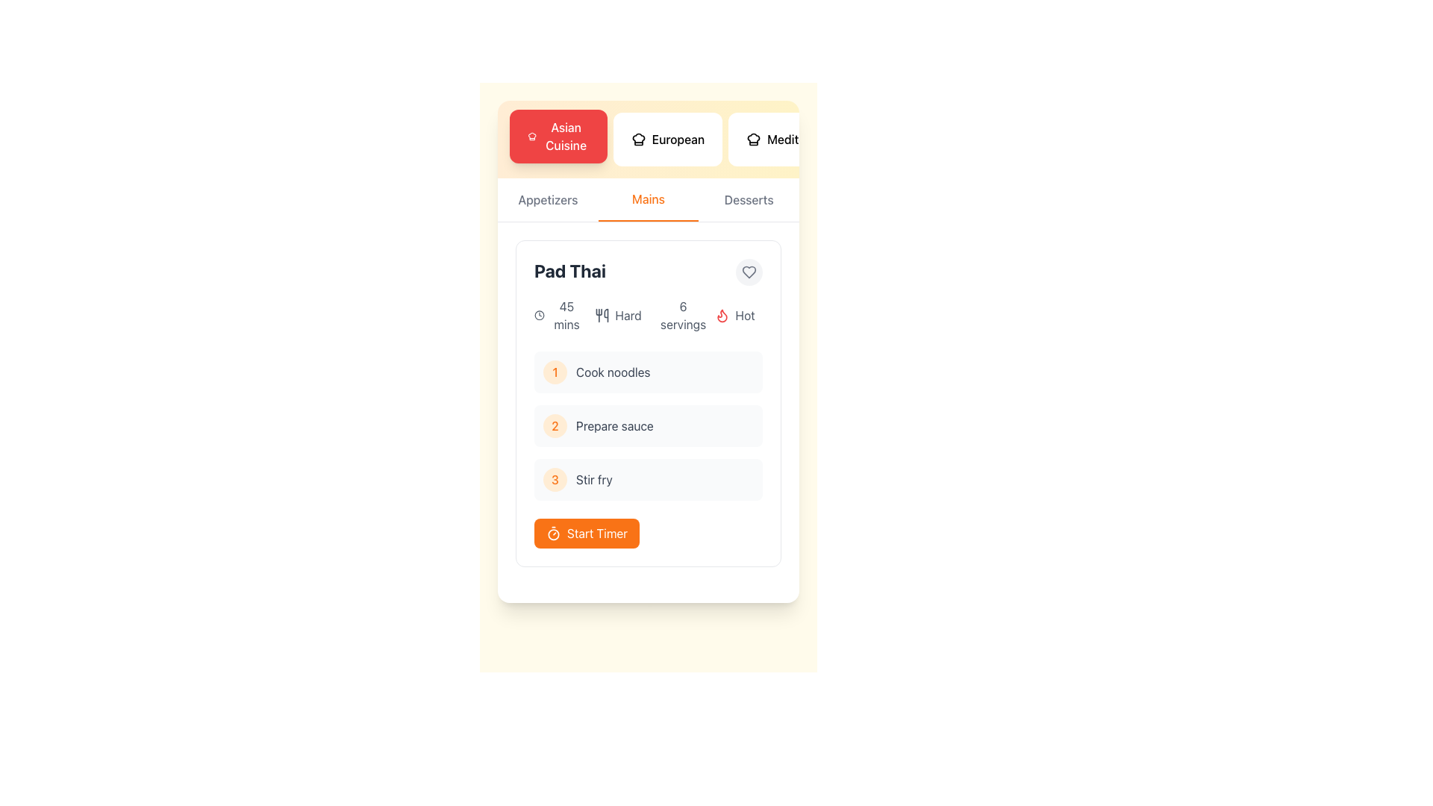 Image resolution: width=1433 pixels, height=806 pixels. I want to click on the 'Mediterranean' button, which is the rightmost button in a row of three, so click(796, 139).